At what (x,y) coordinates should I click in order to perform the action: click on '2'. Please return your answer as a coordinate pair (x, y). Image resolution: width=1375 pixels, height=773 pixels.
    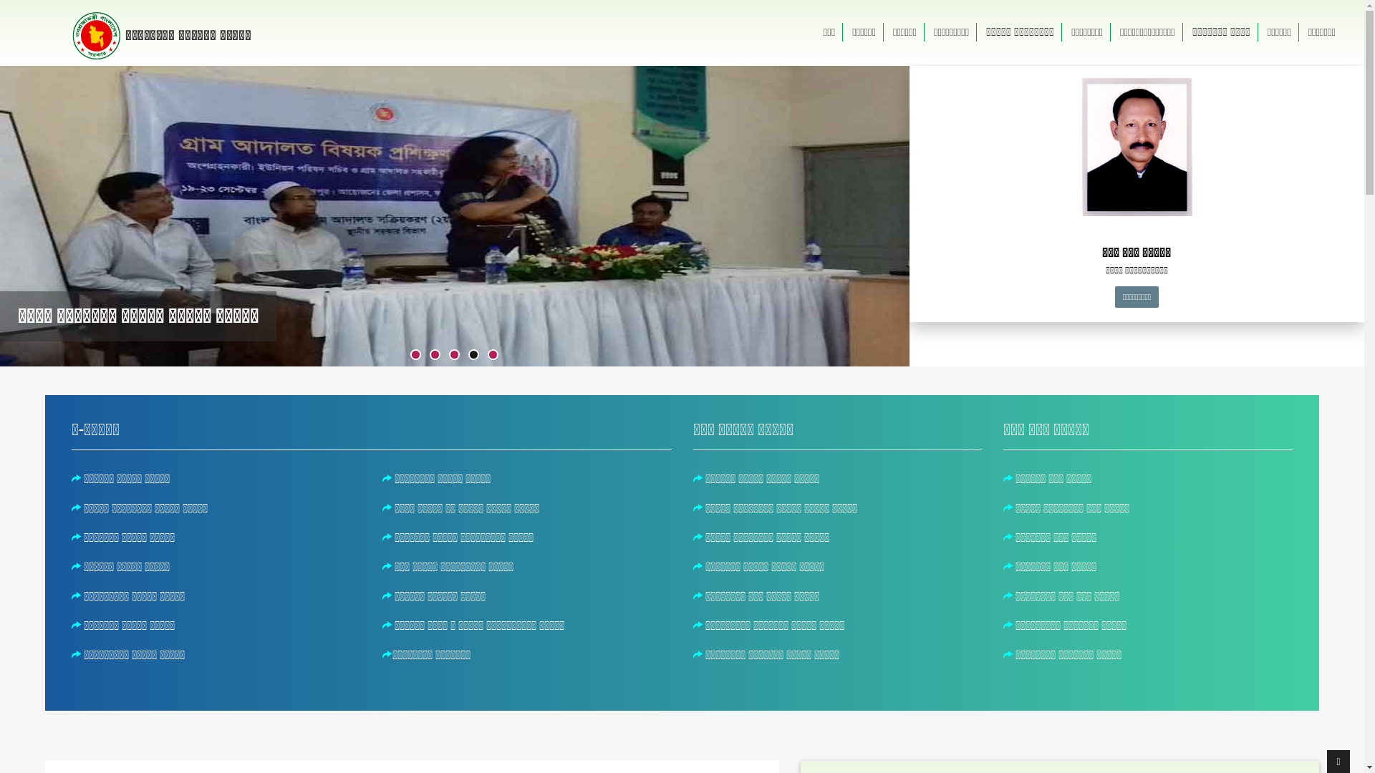
    Looking at the image, I should click on (434, 354).